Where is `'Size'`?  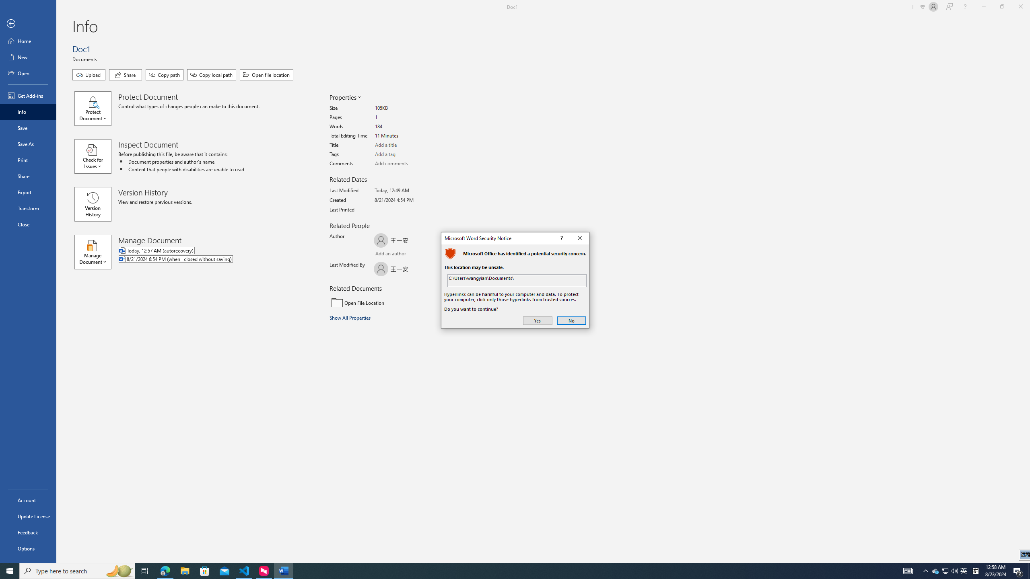 'Size' is located at coordinates (405, 108).